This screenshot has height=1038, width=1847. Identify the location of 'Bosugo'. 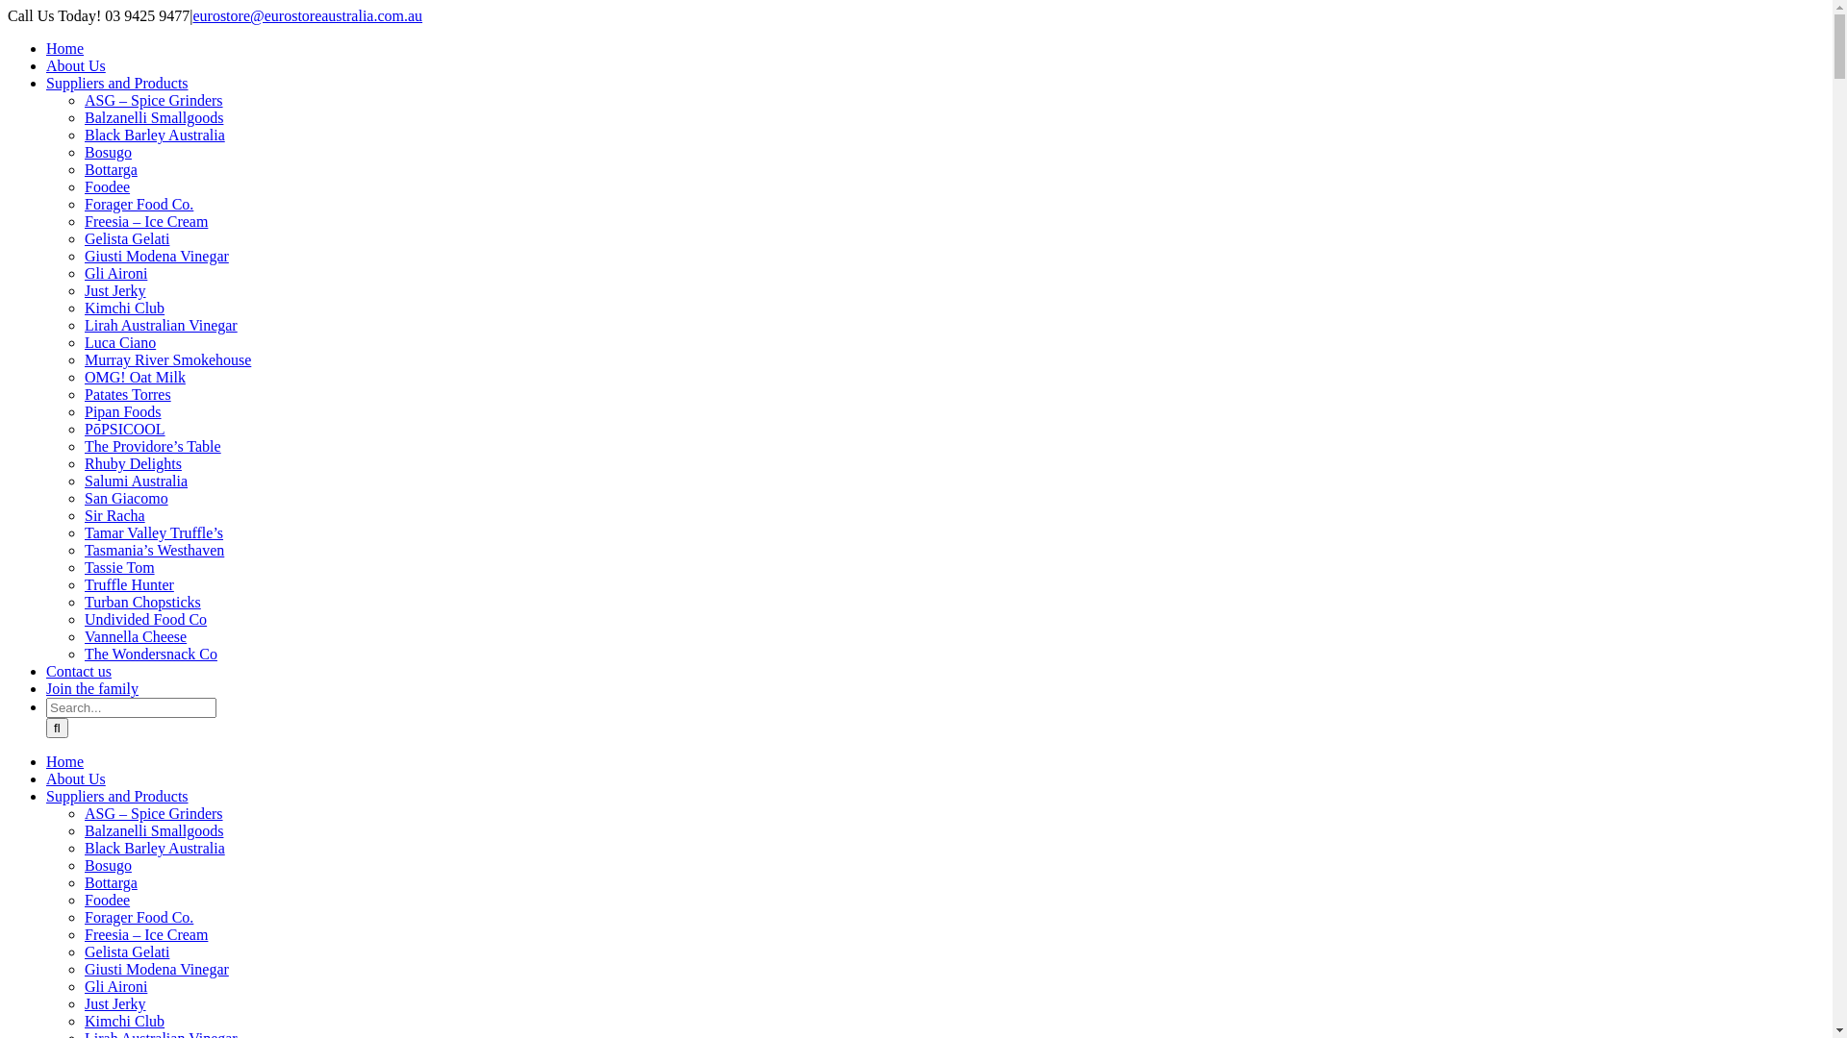
(107, 865).